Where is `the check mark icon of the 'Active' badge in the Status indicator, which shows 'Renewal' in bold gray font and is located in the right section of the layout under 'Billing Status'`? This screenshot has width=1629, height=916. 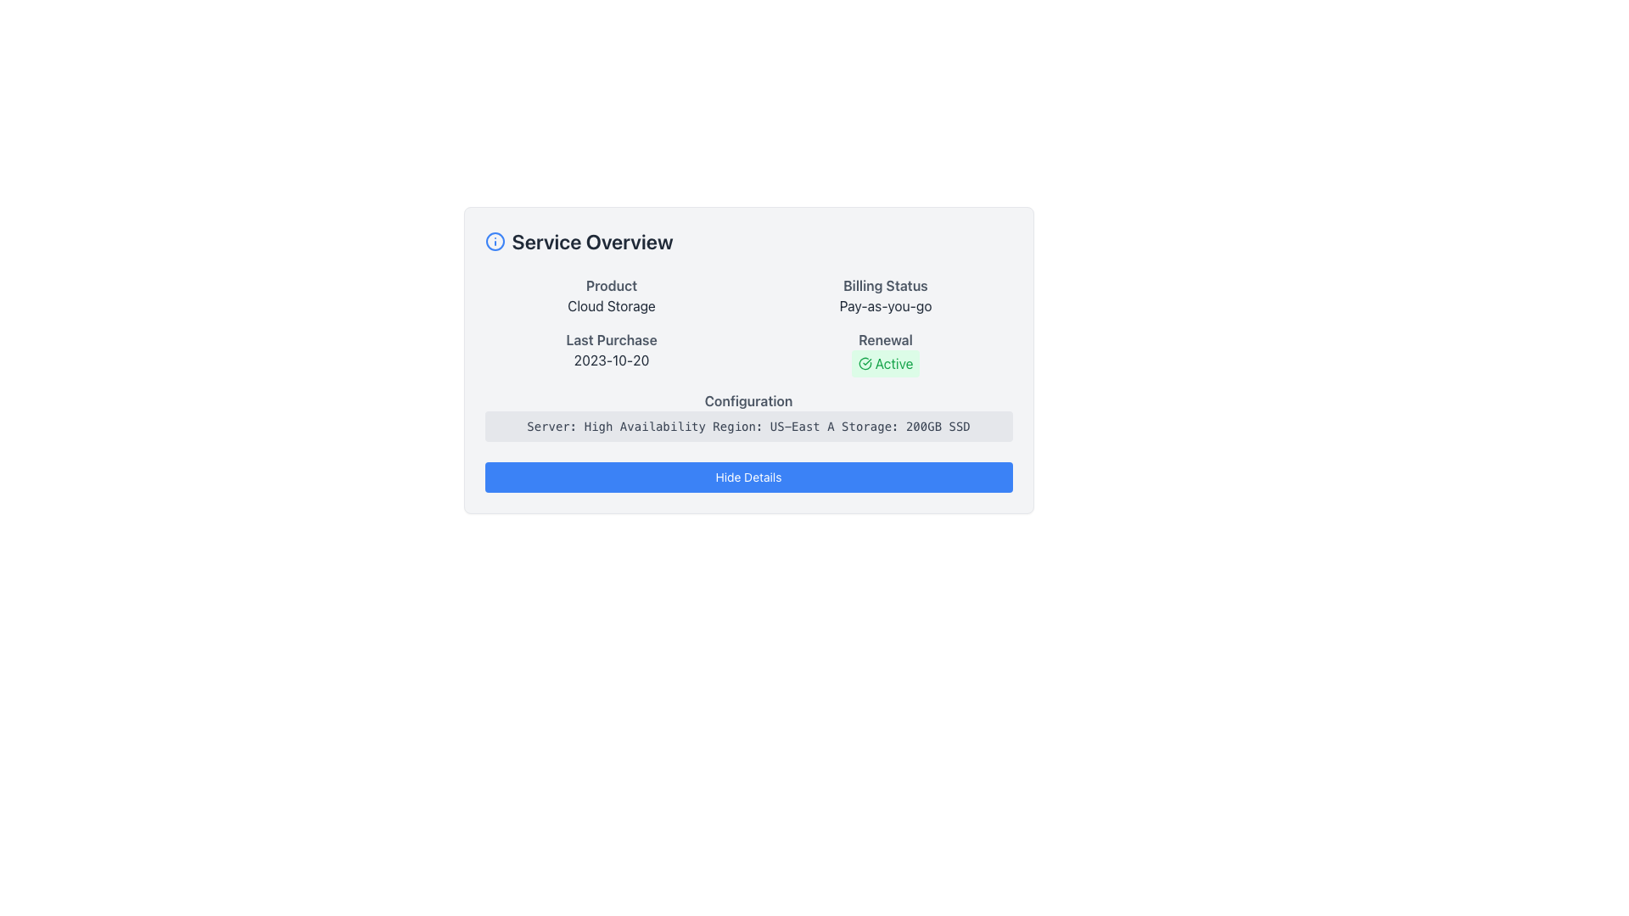 the check mark icon of the 'Active' badge in the Status indicator, which shows 'Renewal' in bold gray font and is located in the right section of the layout under 'Billing Status' is located at coordinates (884, 352).